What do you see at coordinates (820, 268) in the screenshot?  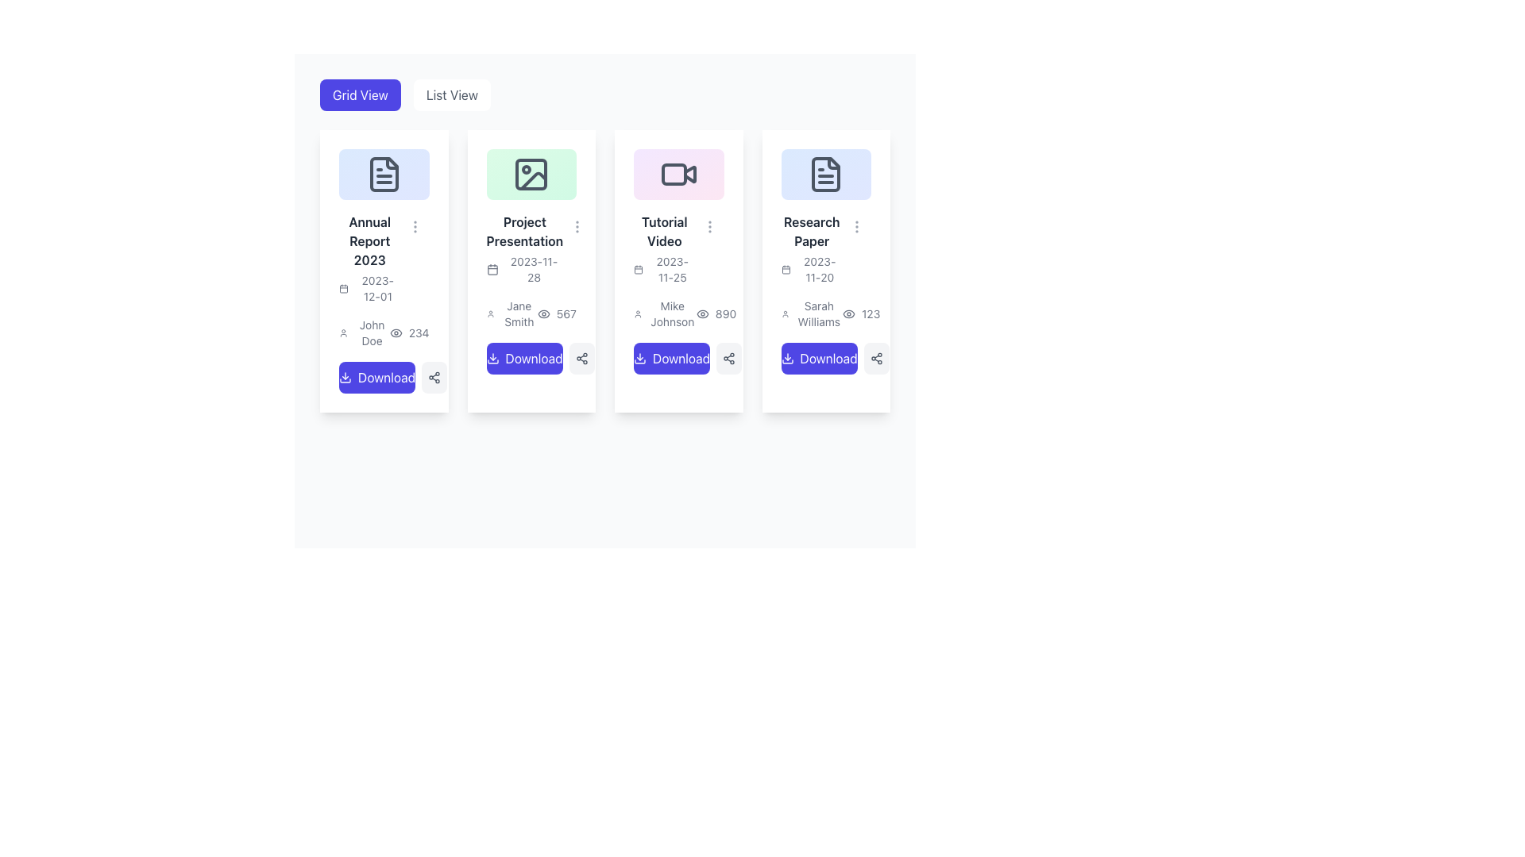 I see `the text label displaying the date '2023-11-20' which is styled with a small font size and gray color, located in the fourth card item below the title 'Research Paper' and above 'Sarah Williams'` at bounding box center [820, 268].